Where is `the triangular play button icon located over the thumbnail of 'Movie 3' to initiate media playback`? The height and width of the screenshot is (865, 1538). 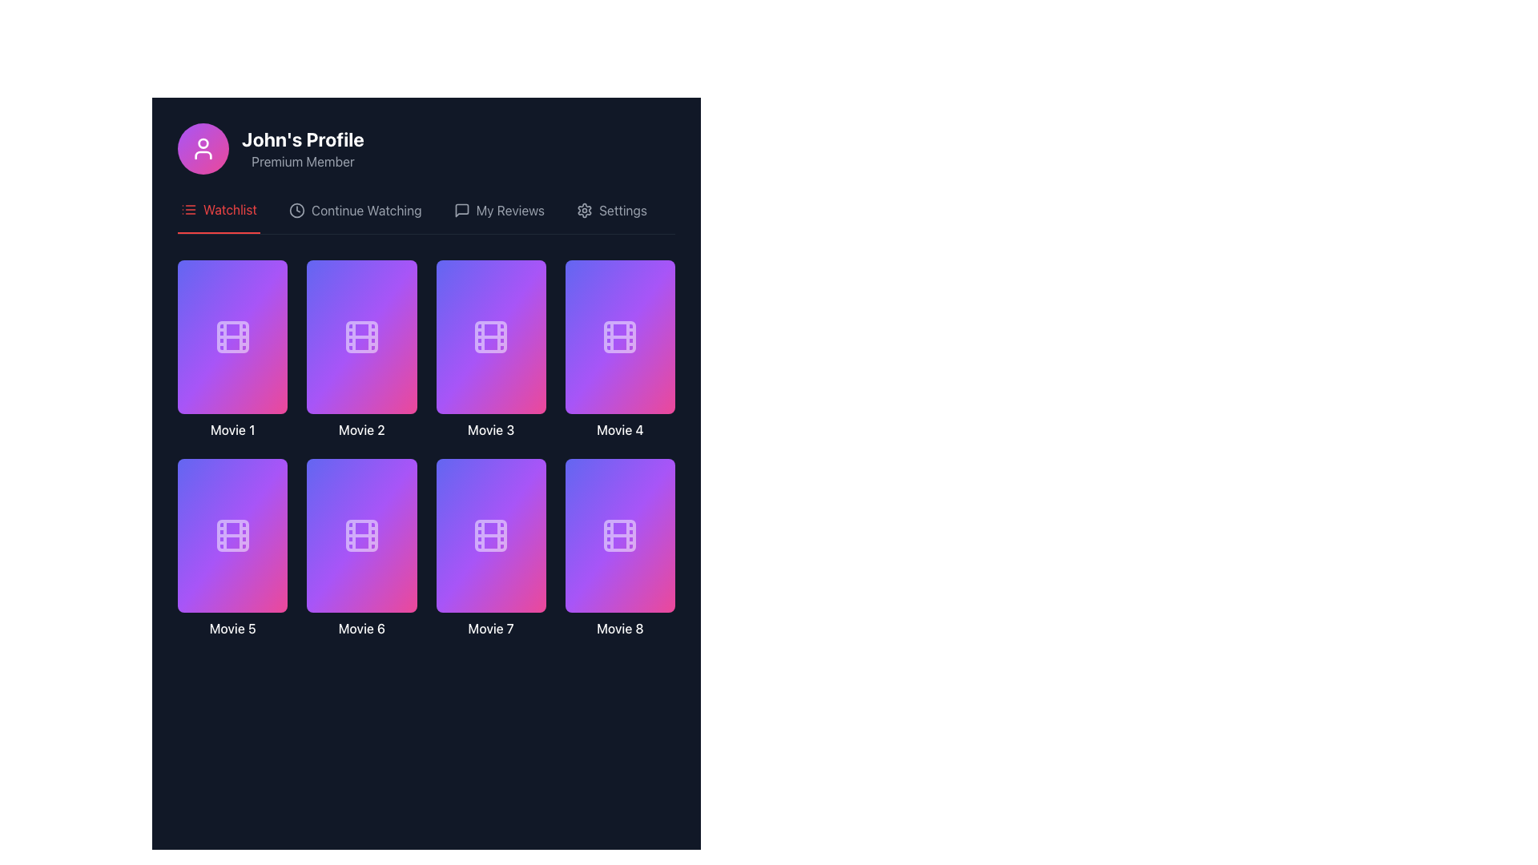
the triangular play button icon located over the thumbnail of 'Movie 3' to initiate media playback is located at coordinates (491, 328).